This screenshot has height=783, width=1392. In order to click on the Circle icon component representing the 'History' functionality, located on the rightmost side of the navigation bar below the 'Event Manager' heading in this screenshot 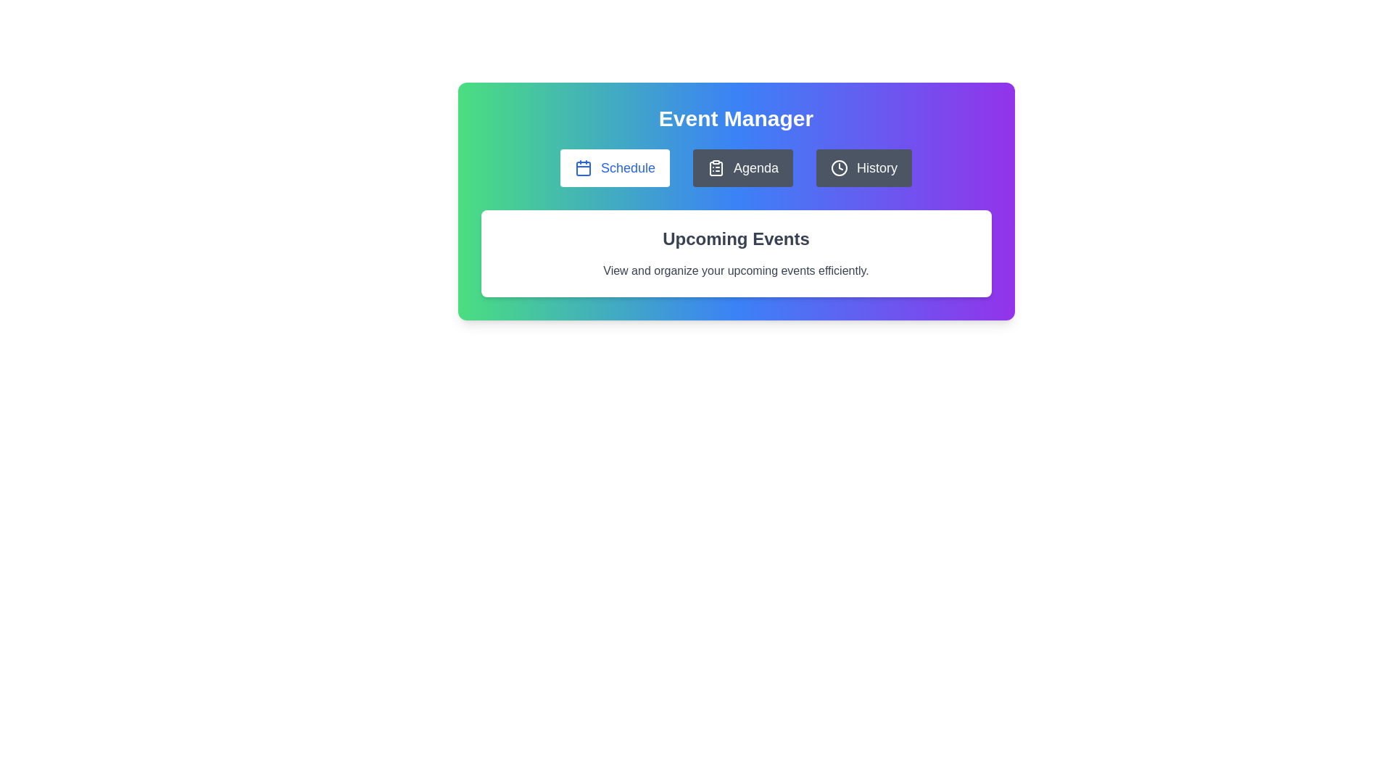, I will do `click(840, 167)`.